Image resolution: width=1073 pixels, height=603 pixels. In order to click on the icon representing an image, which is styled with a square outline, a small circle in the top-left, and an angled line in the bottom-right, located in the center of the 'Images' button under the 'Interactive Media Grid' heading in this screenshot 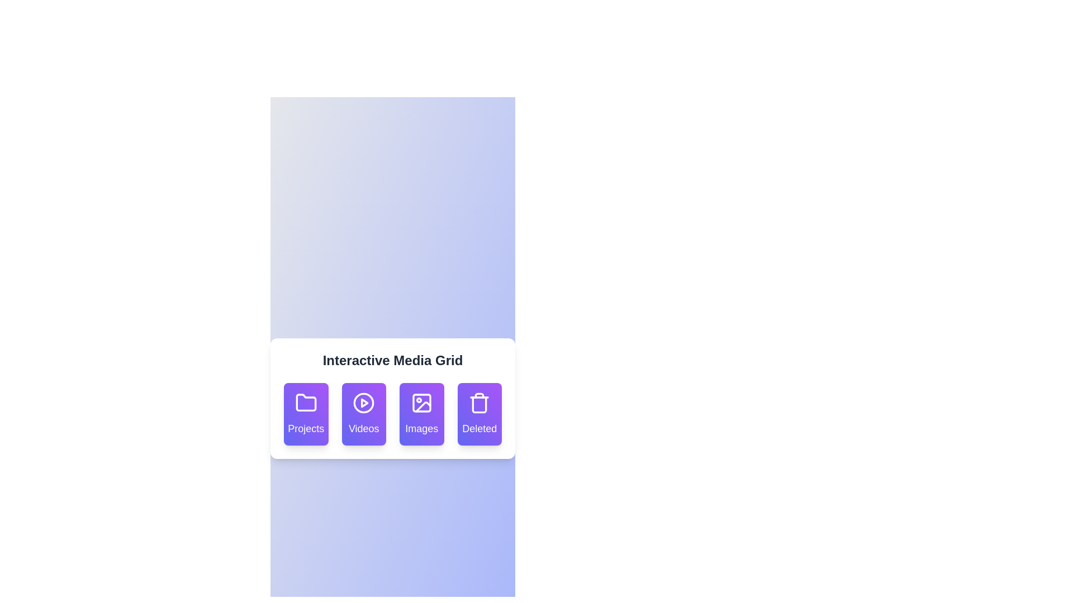, I will do `click(421, 403)`.